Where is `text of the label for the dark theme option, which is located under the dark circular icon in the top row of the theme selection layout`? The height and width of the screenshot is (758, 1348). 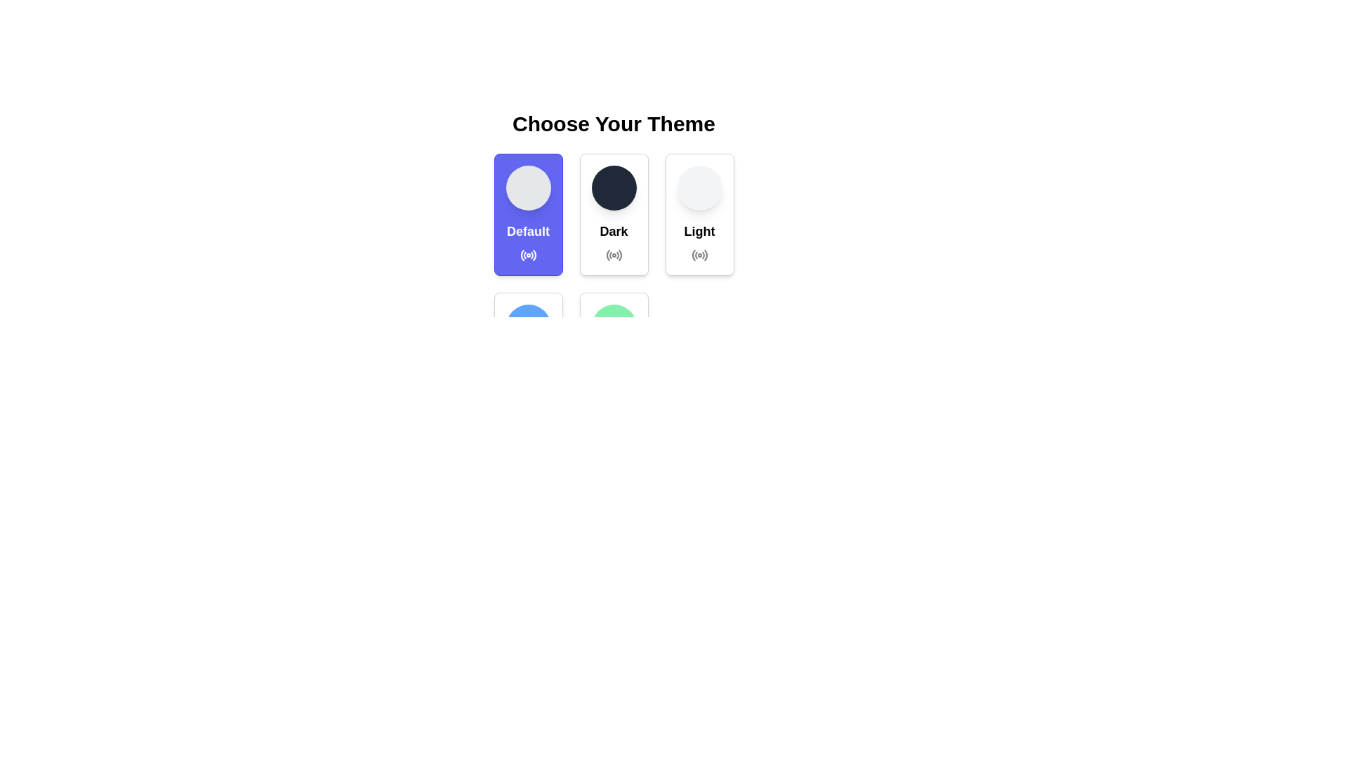
text of the label for the dark theme option, which is located under the dark circular icon in the top row of the theme selection layout is located at coordinates (614, 231).